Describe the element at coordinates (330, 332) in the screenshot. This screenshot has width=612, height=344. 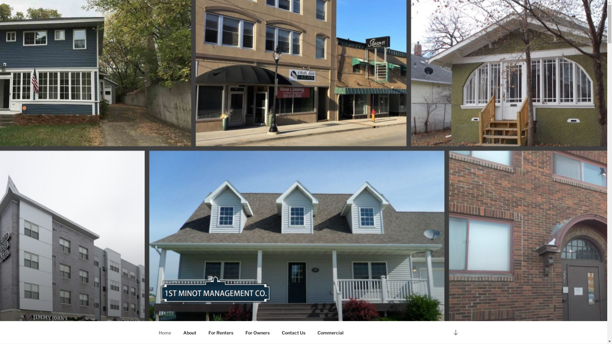
I see `'Commercial'` at that location.